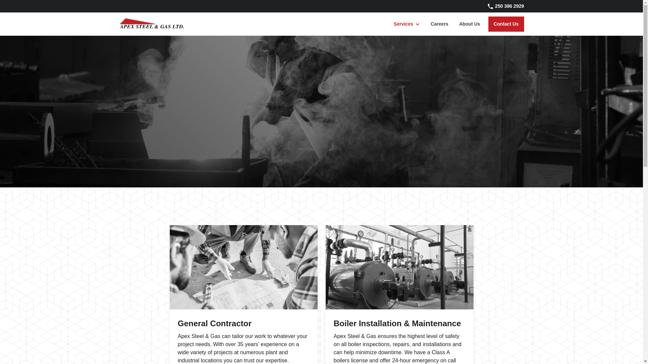 This screenshot has height=364, width=648. What do you see at coordinates (403, 24) in the screenshot?
I see `'Services'` at bounding box center [403, 24].